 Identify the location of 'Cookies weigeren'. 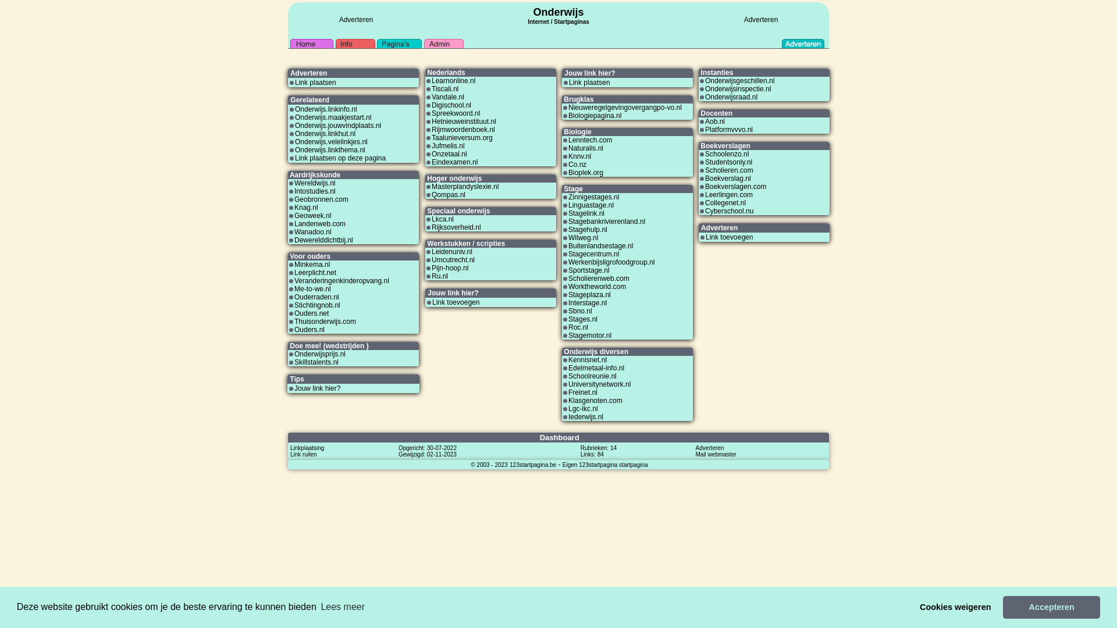
(912, 606).